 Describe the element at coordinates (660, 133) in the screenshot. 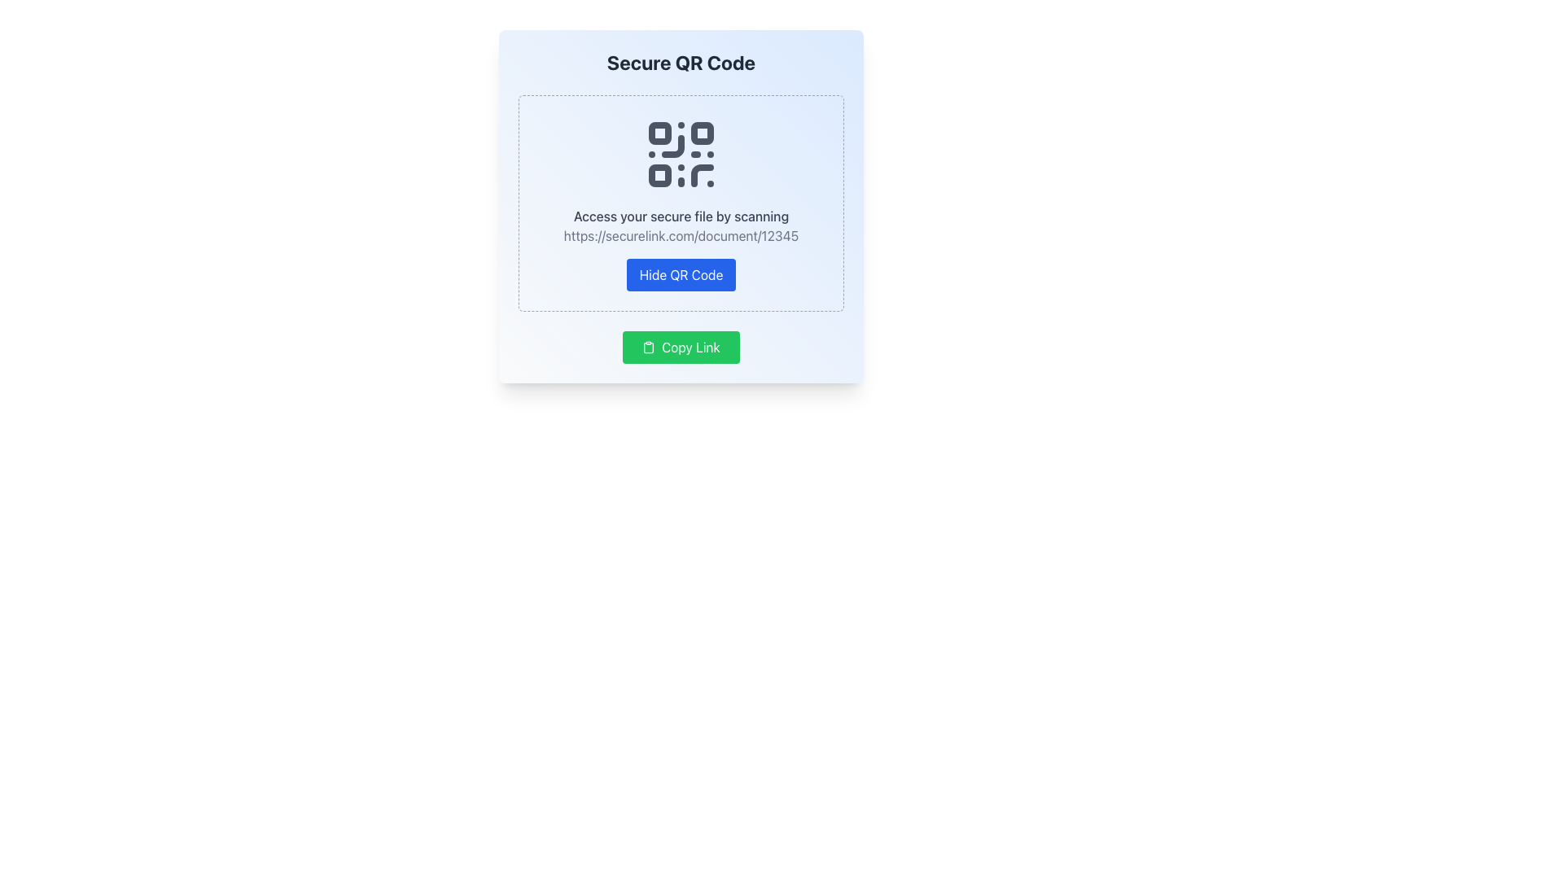

I see `the small square block in the top-left corner of the QR code, which is styled as part of the QR code with rounded corners` at that location.